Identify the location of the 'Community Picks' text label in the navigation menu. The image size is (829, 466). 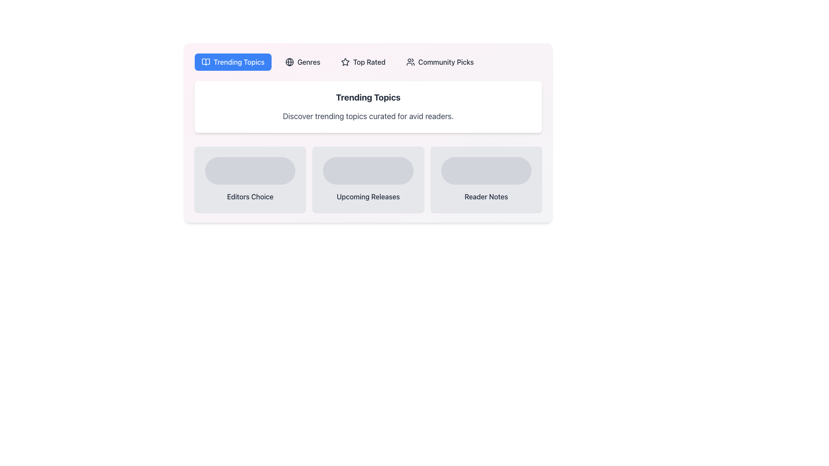
(446, 61).